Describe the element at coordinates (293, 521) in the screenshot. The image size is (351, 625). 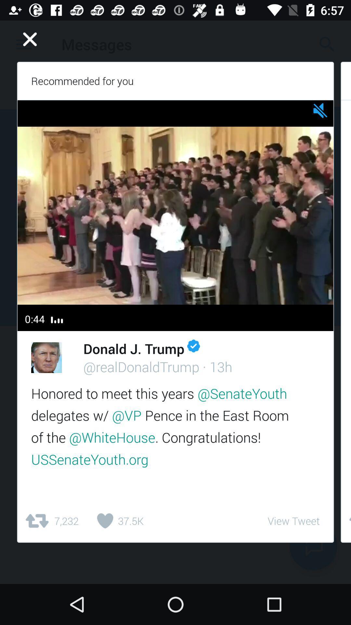
I see `the icon below the honored to meet item` at that location.